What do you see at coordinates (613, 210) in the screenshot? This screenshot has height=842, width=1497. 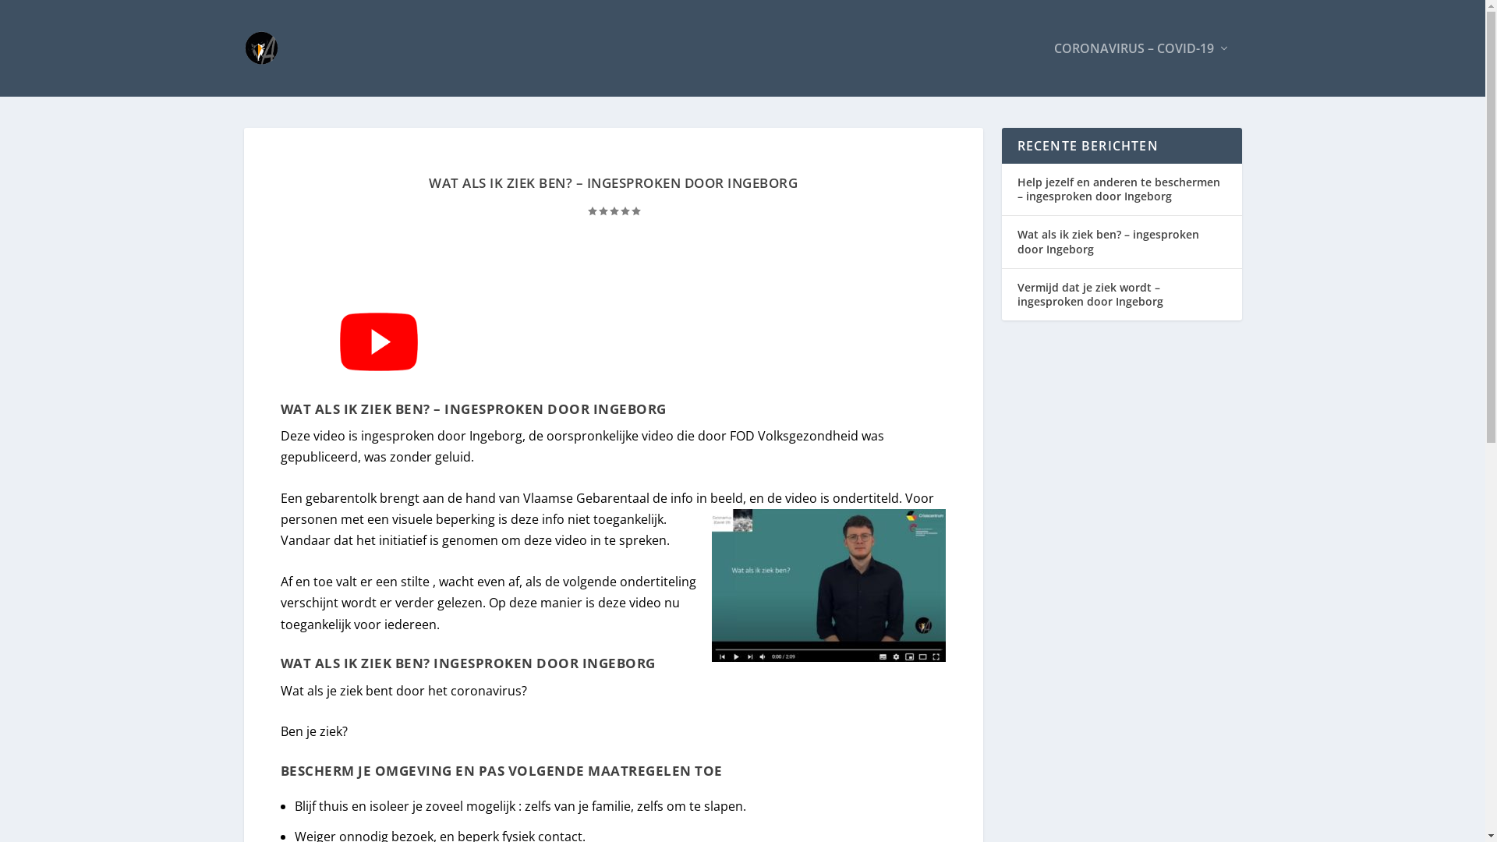 I see `'Rating: 5.00'` at bounding box center [613, 210].